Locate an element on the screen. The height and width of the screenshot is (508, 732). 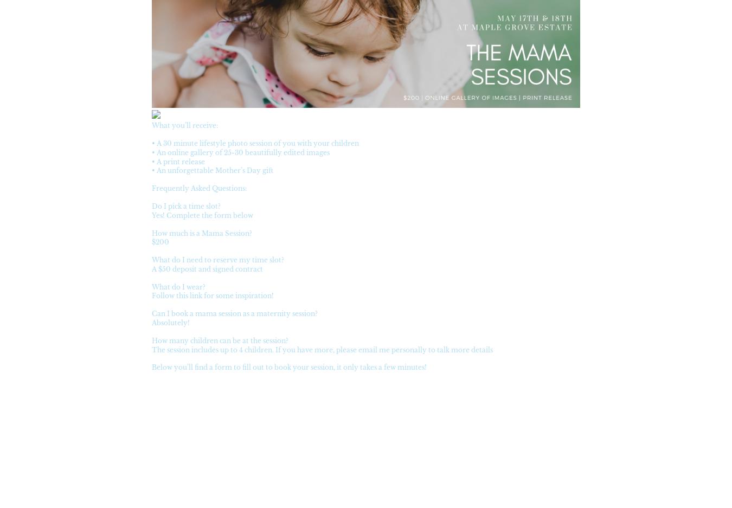
'$200' is located at coordinates (151, 241).